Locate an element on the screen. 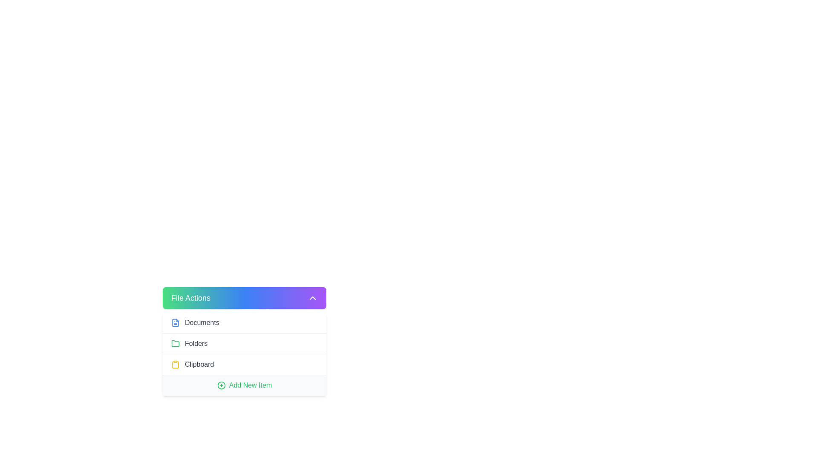 This screenshot has height=460, width=818. the 'Documents' button in the dropdown menu under 'File Actions' is located at coordinates (244, 323).